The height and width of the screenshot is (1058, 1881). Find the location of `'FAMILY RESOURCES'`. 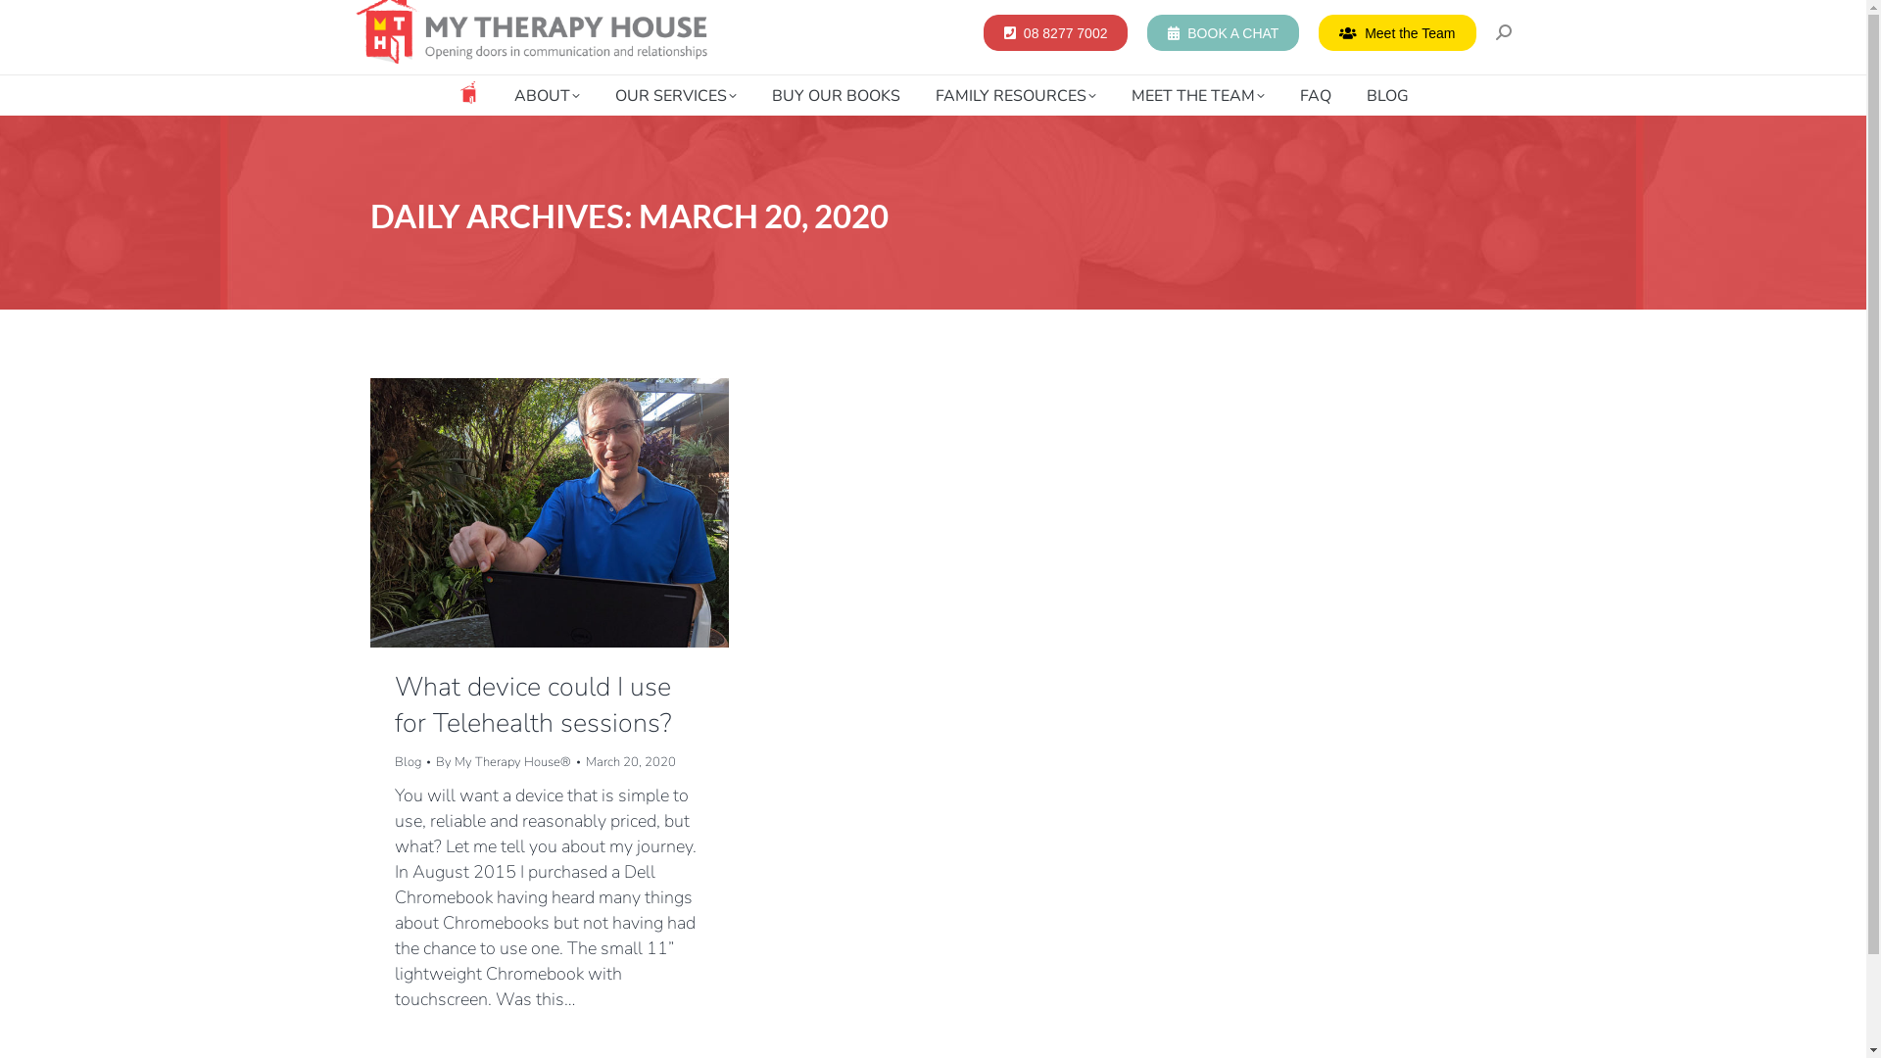

'FAMILY RESOURCES' is located at coordinates (1015, 95).